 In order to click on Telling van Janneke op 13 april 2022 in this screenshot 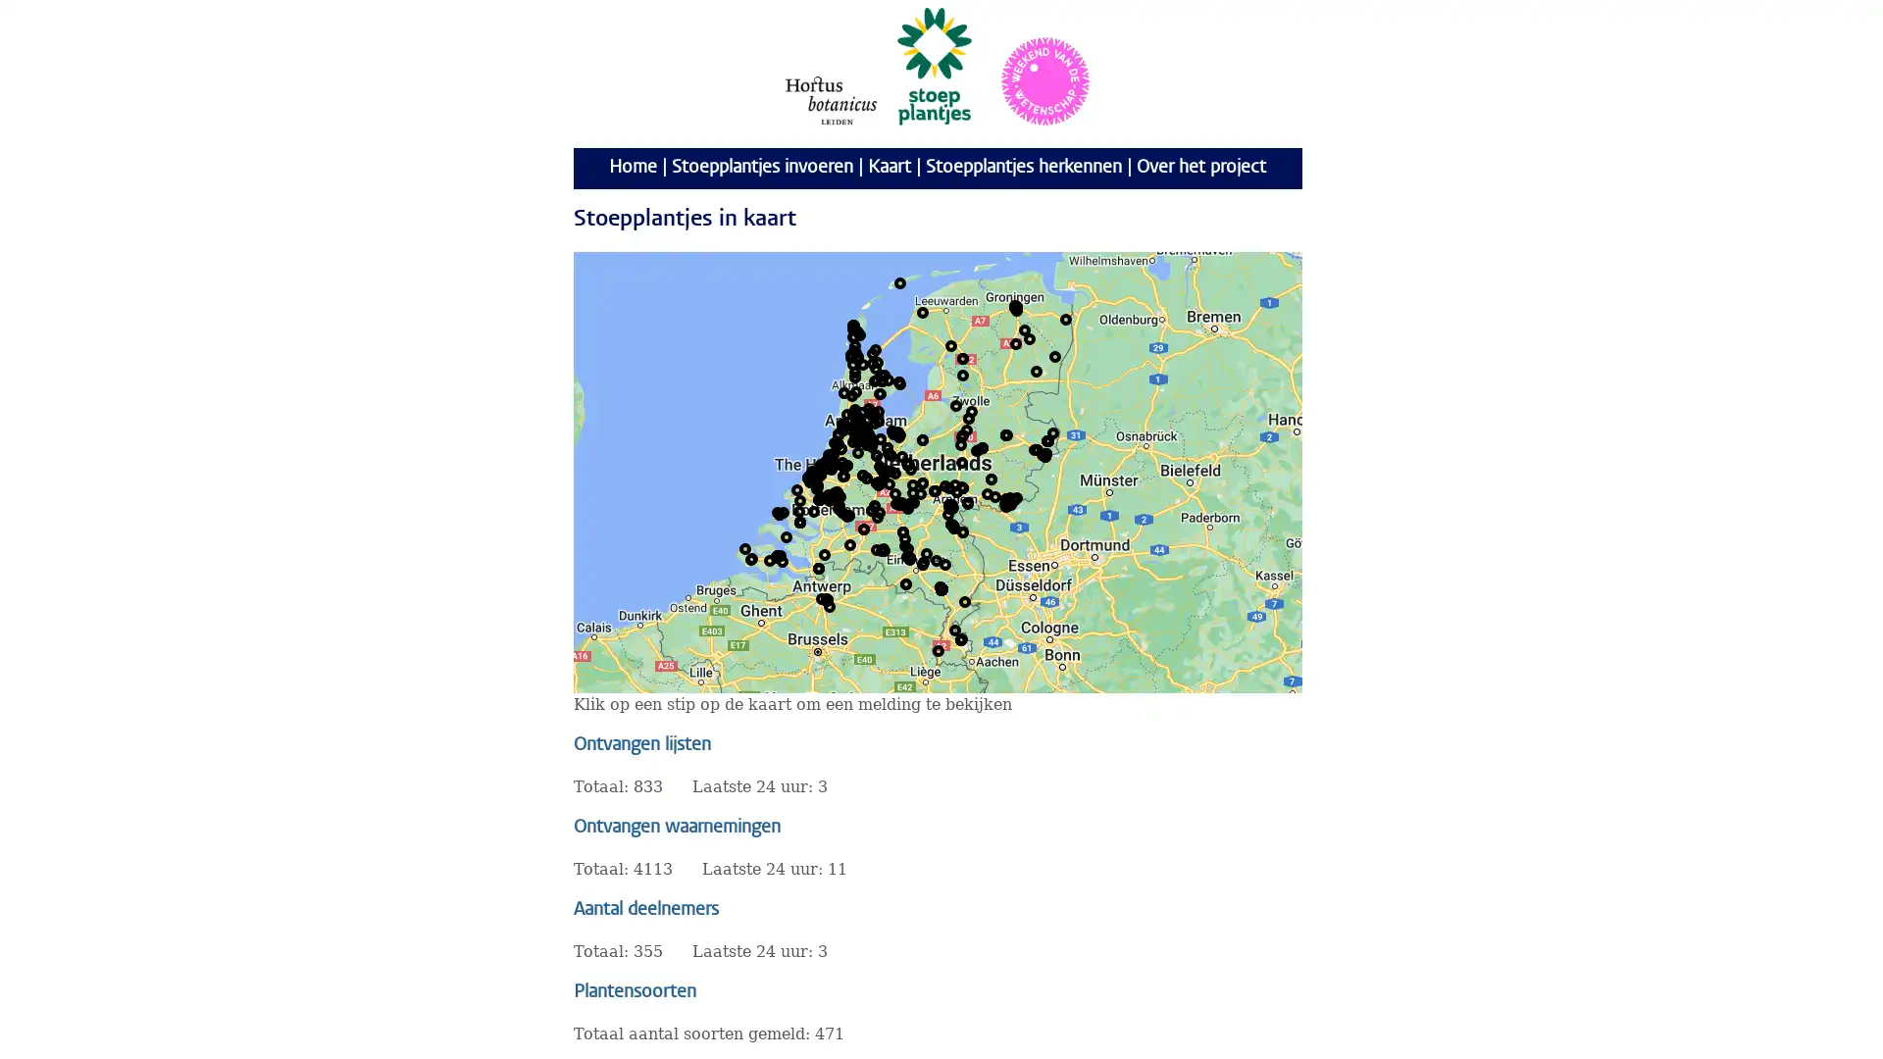, I will do `click(812, 470)`.